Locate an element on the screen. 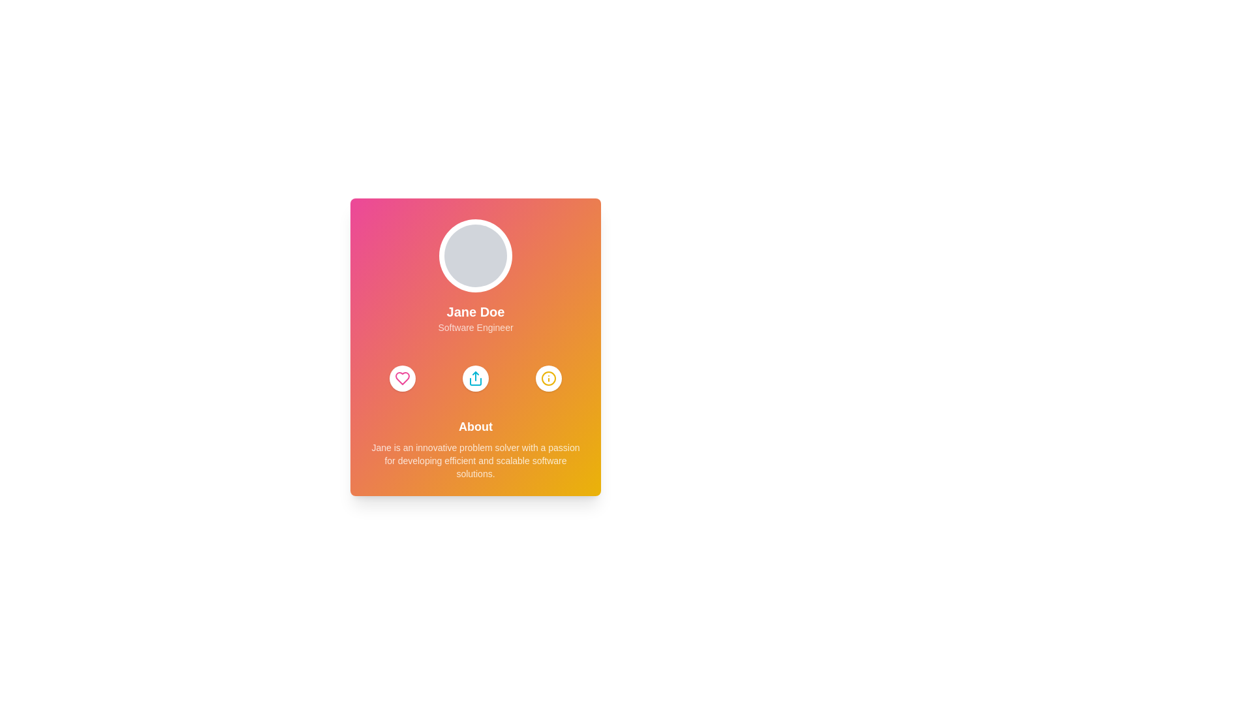 The width and height of the screenshot is (1253, 705). text content of the Text Label displaying 'Jane Doe' which is centrally located in the card layout, positioned above 'Software Engineer' is located at coordinates (475, 312).